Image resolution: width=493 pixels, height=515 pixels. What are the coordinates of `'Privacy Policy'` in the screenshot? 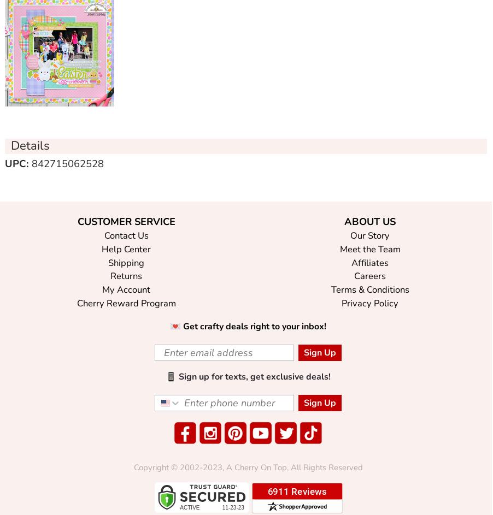 It's located at (369, 303).